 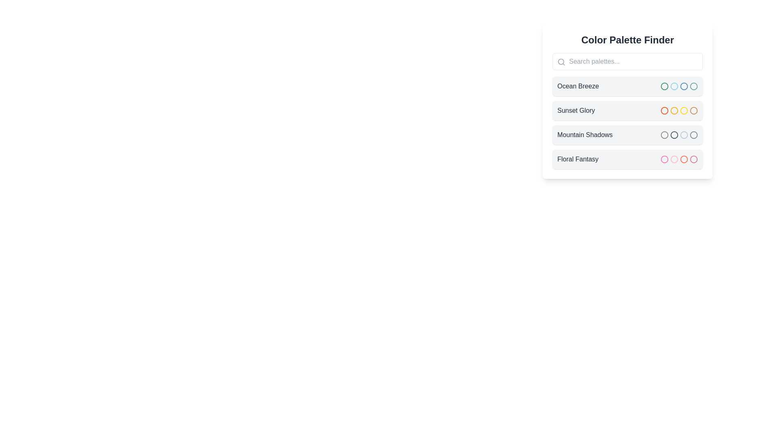 I want to click on the 'Mountain Shadows' color palette option in the 'Color Palette Finder' section, which is the third item in a vertically stacked list of four elements, so click(x=627, y=134).